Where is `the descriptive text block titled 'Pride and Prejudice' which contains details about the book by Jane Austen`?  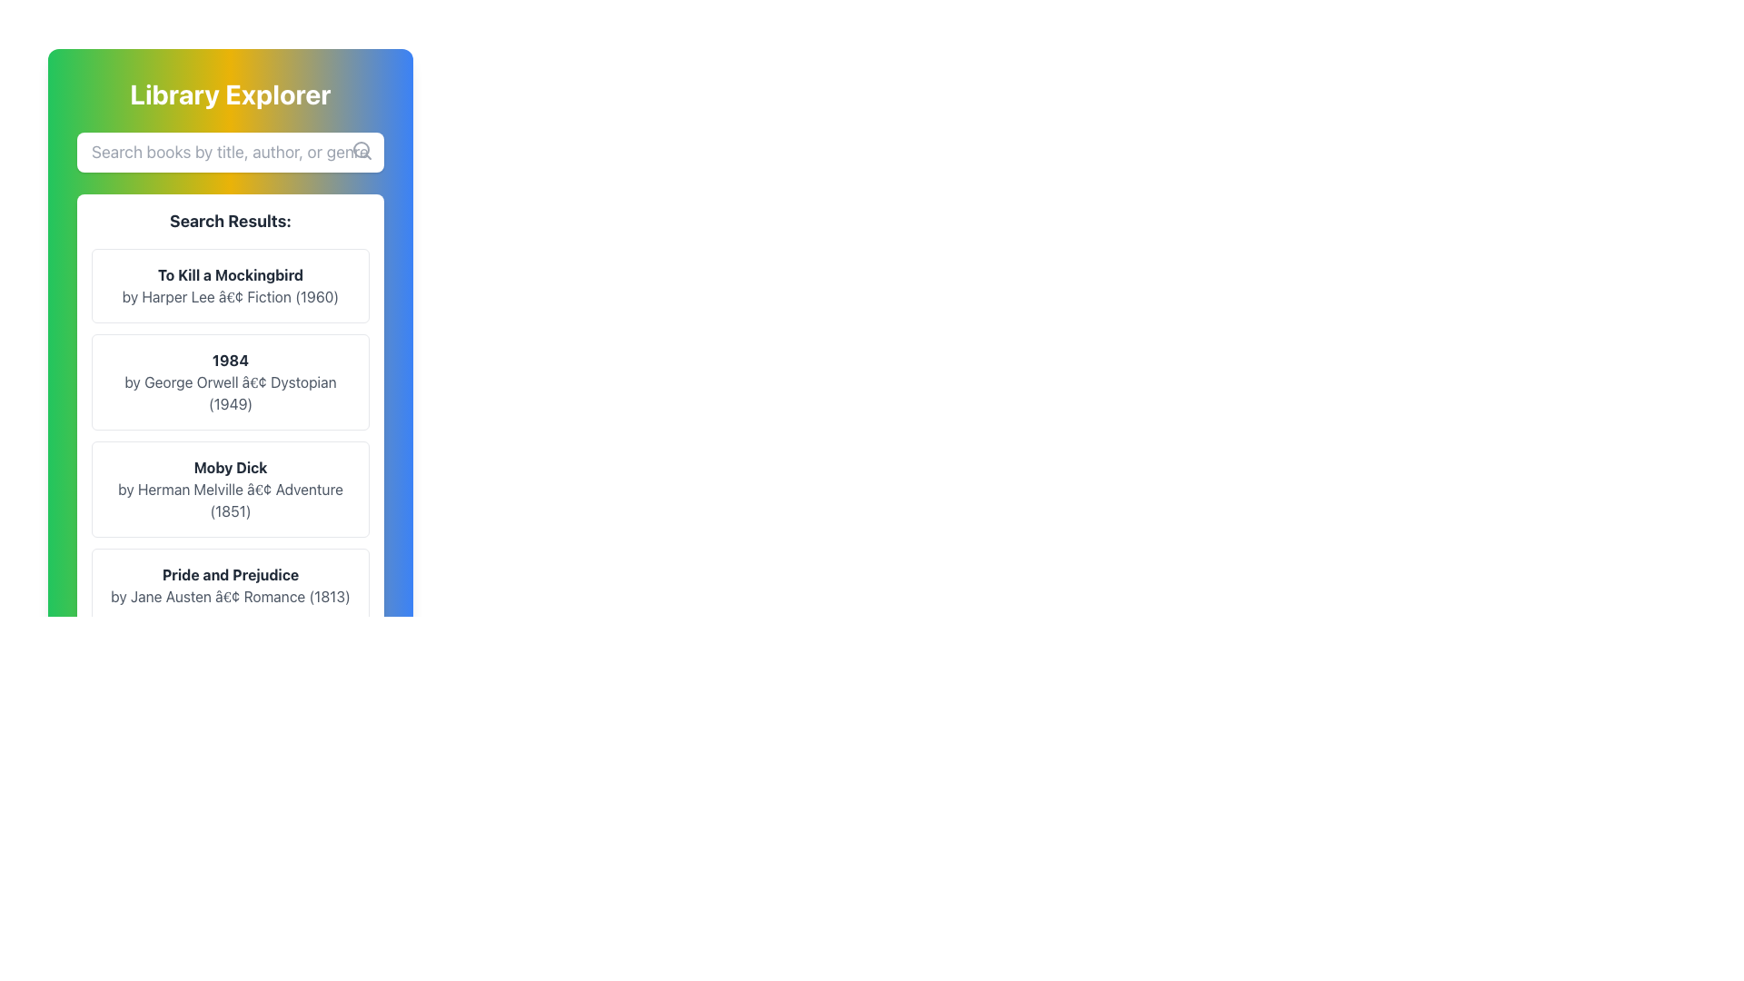 the descriptive text block titled 'Pride and Prejudice' which contains details about the book by Jane Austen is located at coordinates (230, 585).